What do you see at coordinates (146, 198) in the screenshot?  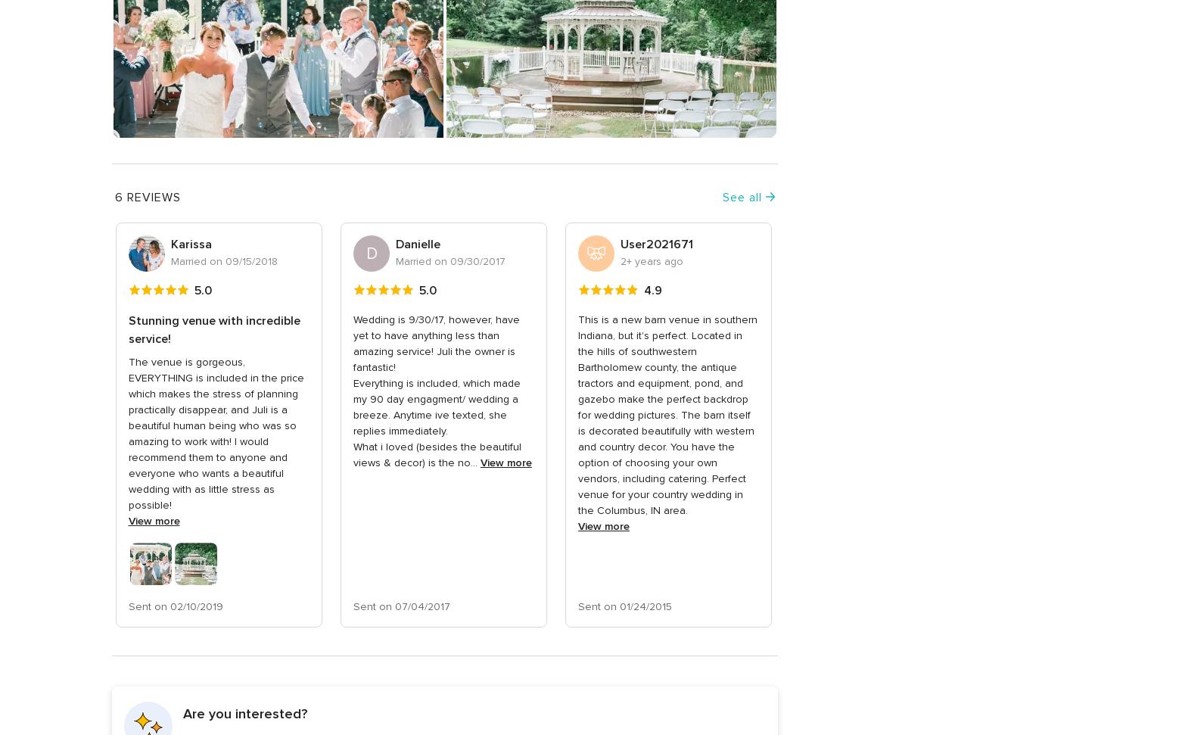 I see `'6 Reviews'` at bounding box center [146, 198].